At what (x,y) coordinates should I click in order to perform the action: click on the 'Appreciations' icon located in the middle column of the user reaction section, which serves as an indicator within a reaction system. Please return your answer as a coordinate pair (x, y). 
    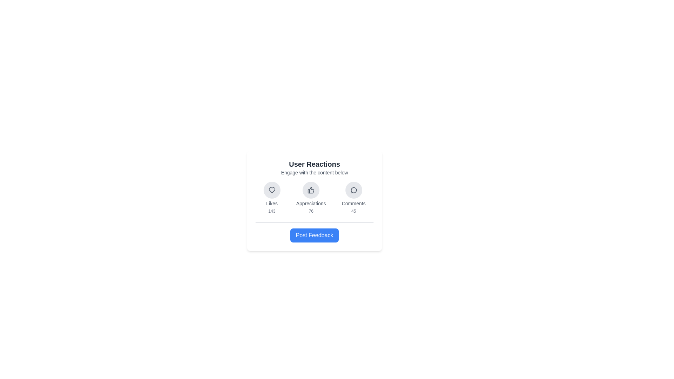
    Looking at the image, I should click on (311, 190).